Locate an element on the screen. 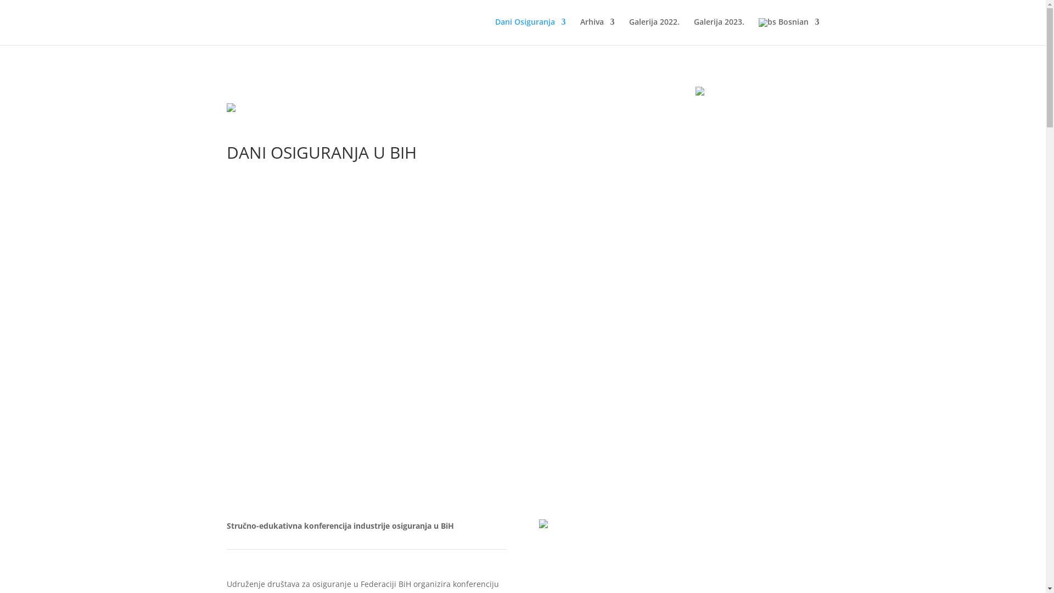 The height and width of the screenshot is (593, 1054). 'Dani Osiguranja' is located at coordinates (495, 30).